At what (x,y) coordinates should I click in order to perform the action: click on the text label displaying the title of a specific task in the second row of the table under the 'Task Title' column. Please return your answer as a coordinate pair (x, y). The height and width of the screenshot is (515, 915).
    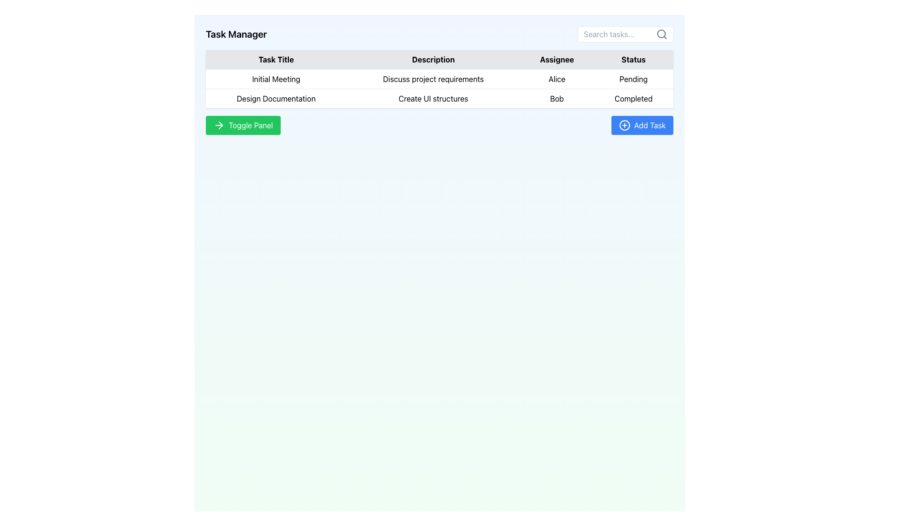
    Looking at the image, I should click on (275, 98).